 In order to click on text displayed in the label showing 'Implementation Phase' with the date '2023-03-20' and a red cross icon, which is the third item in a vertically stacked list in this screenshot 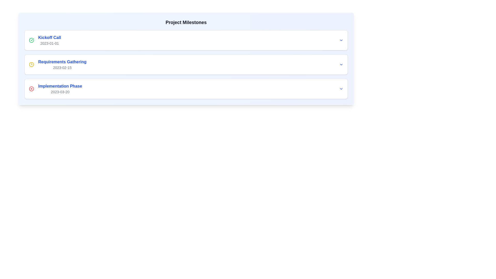, I will do `click(55, 88)`.